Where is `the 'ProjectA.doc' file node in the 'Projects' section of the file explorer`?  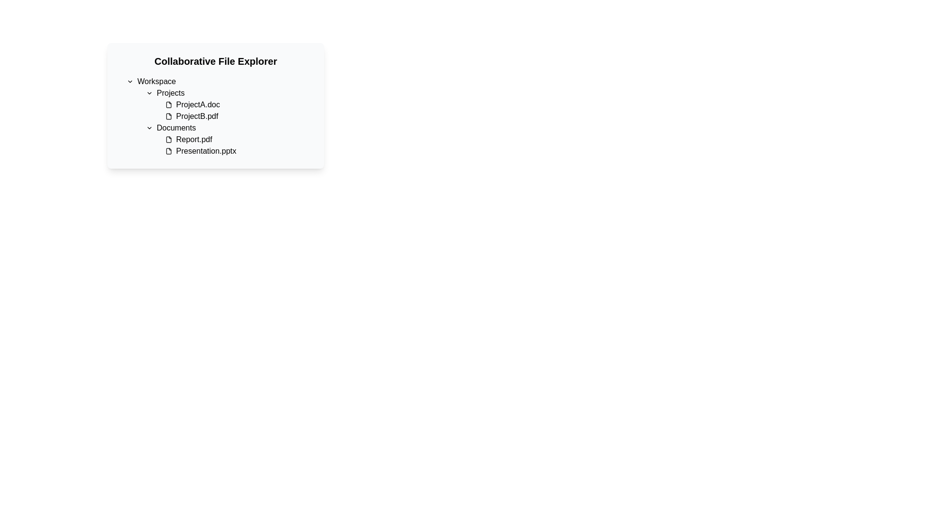 the 'ProjectA.doc' file node in the 'Projects' section of the file explorer is located at coordinates (239, 104).